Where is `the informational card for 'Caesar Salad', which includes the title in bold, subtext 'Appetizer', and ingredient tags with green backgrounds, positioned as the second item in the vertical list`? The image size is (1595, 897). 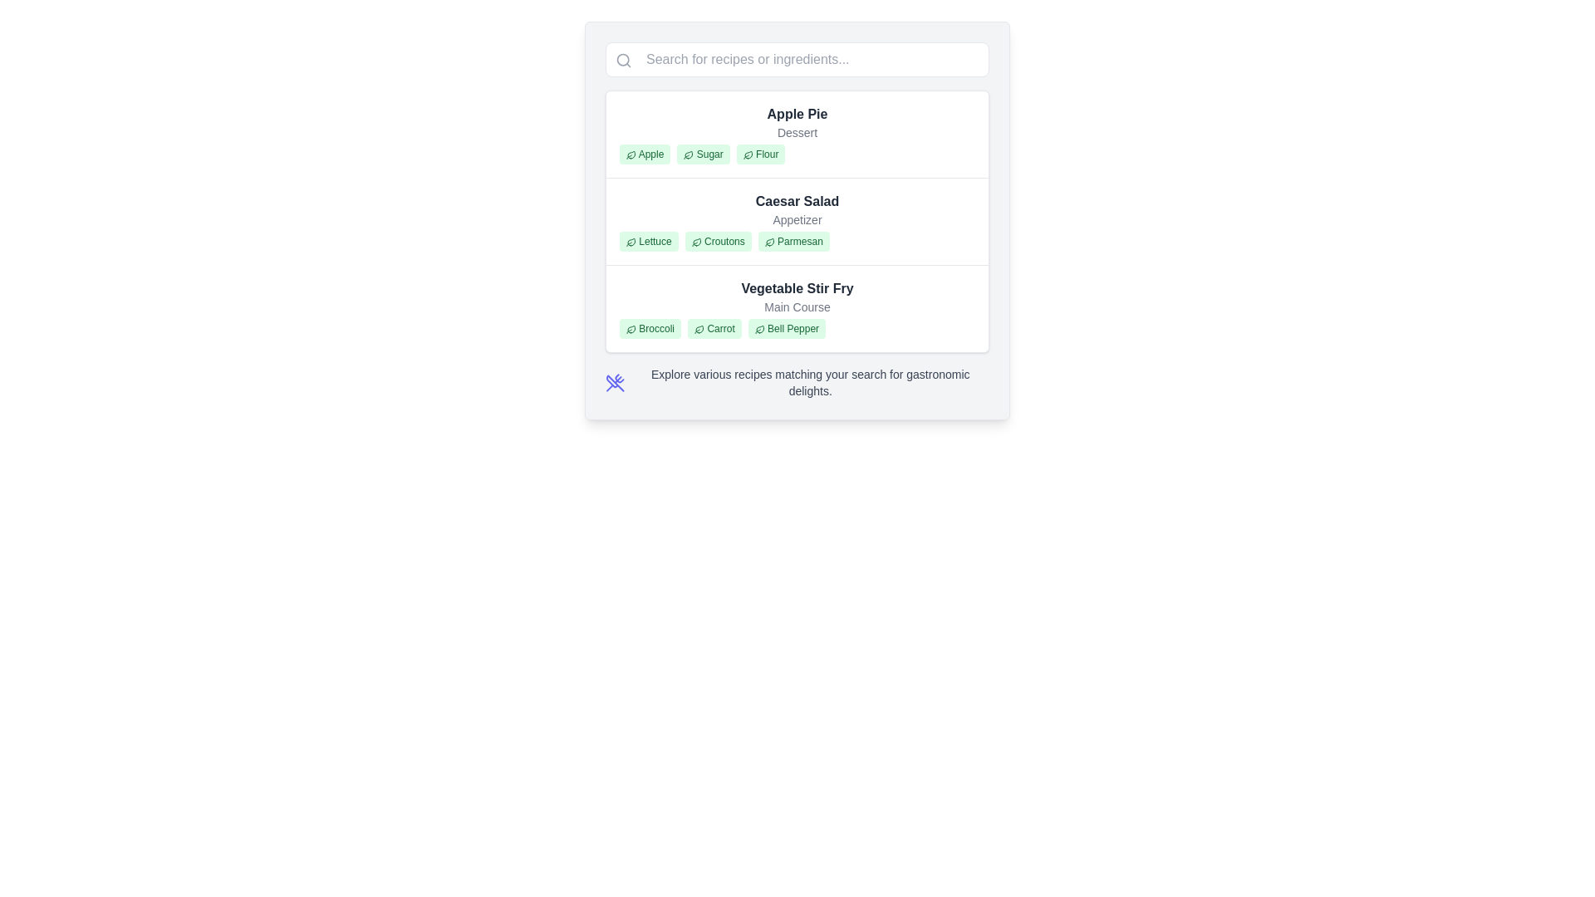
the informational card for 'Caesar Salad', which includes the title in bold, subtext 'Appetizer', and ingredient tags with green backgrounds, positioned as the second item in the vertical list is located at coordinates (797, 220).